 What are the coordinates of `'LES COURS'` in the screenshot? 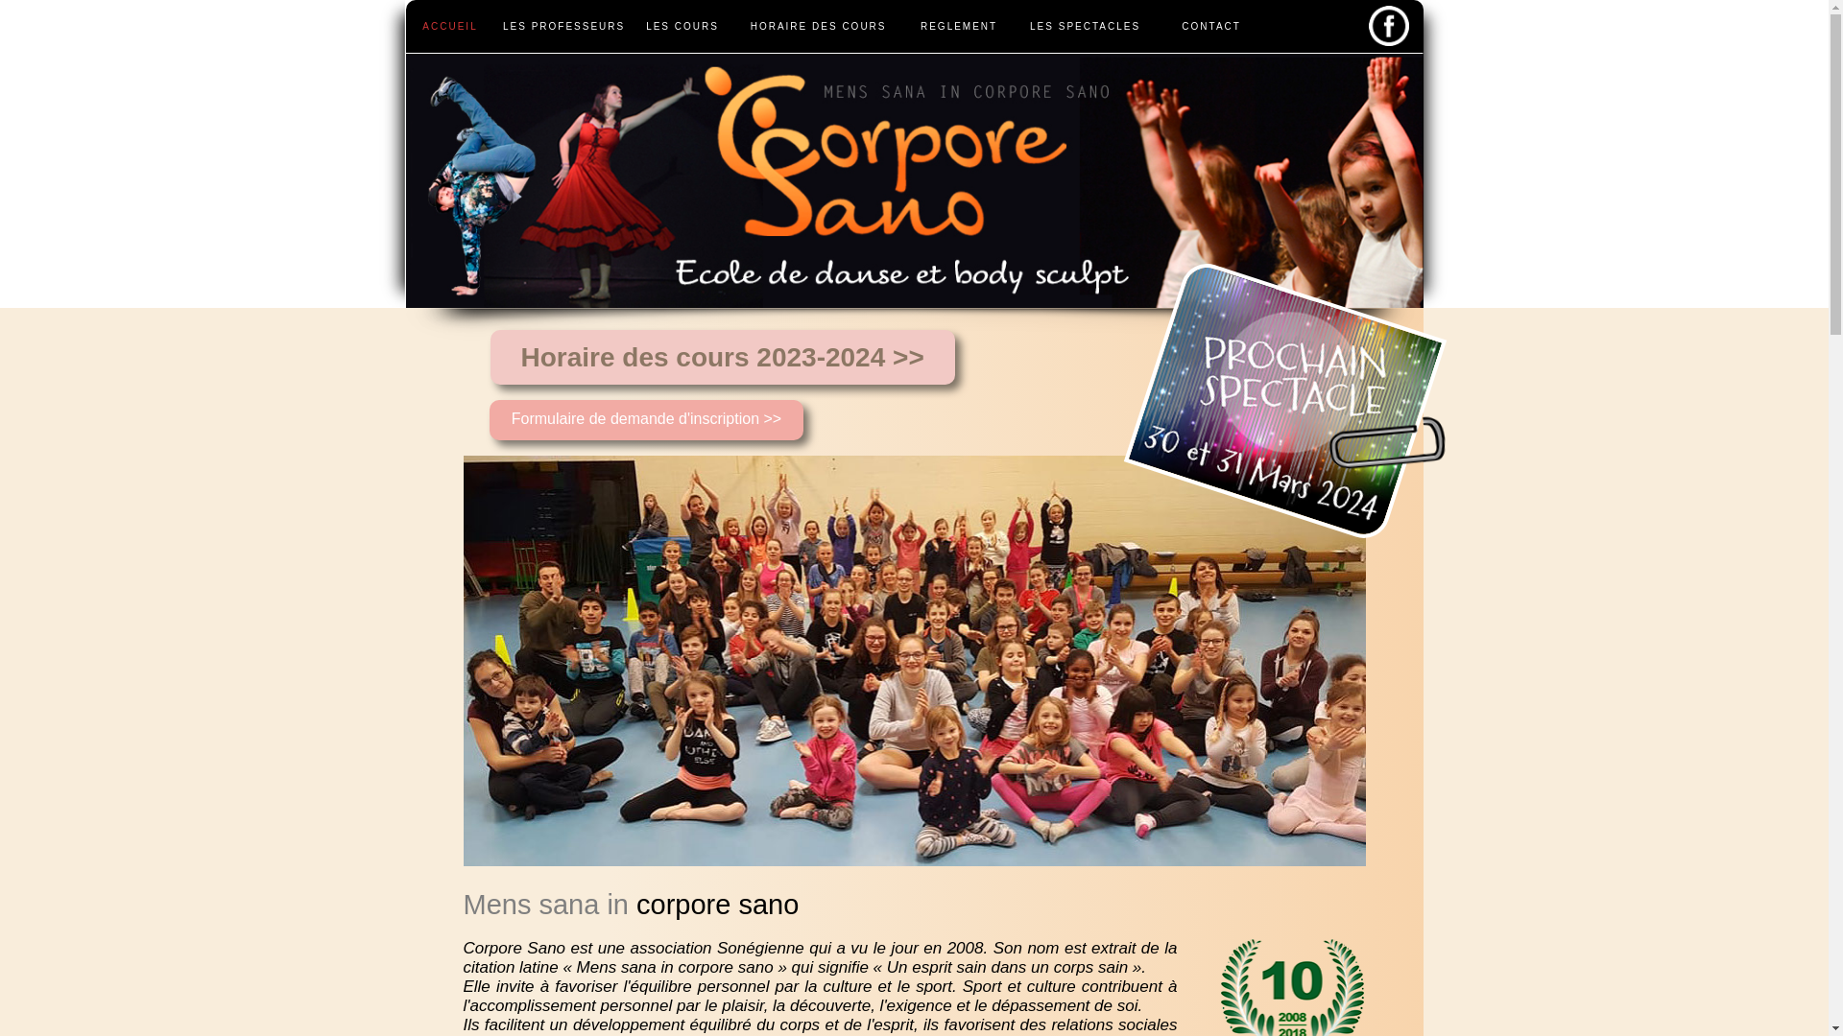 It's located at (682, 26).